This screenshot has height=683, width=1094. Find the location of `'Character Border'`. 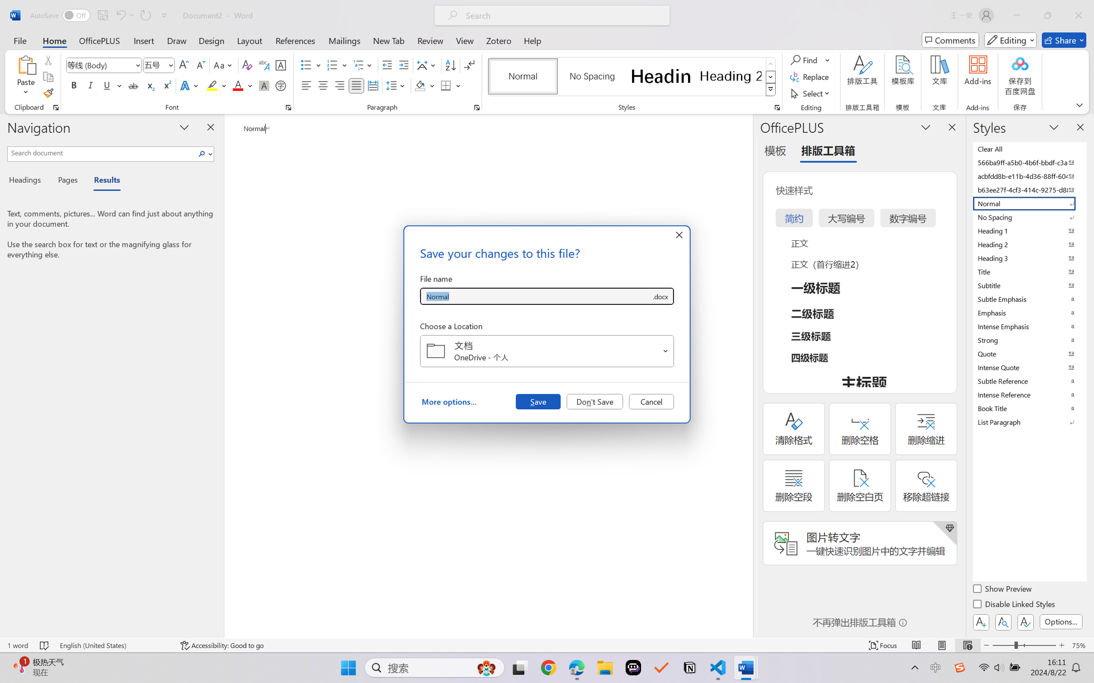

'Character Border' is located at coordinates (281, 65).